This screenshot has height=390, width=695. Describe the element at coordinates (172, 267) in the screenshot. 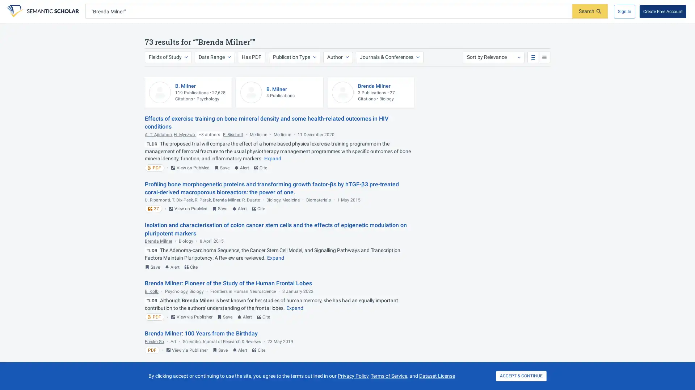

I see `Turn on email alert for this paper` at that location.